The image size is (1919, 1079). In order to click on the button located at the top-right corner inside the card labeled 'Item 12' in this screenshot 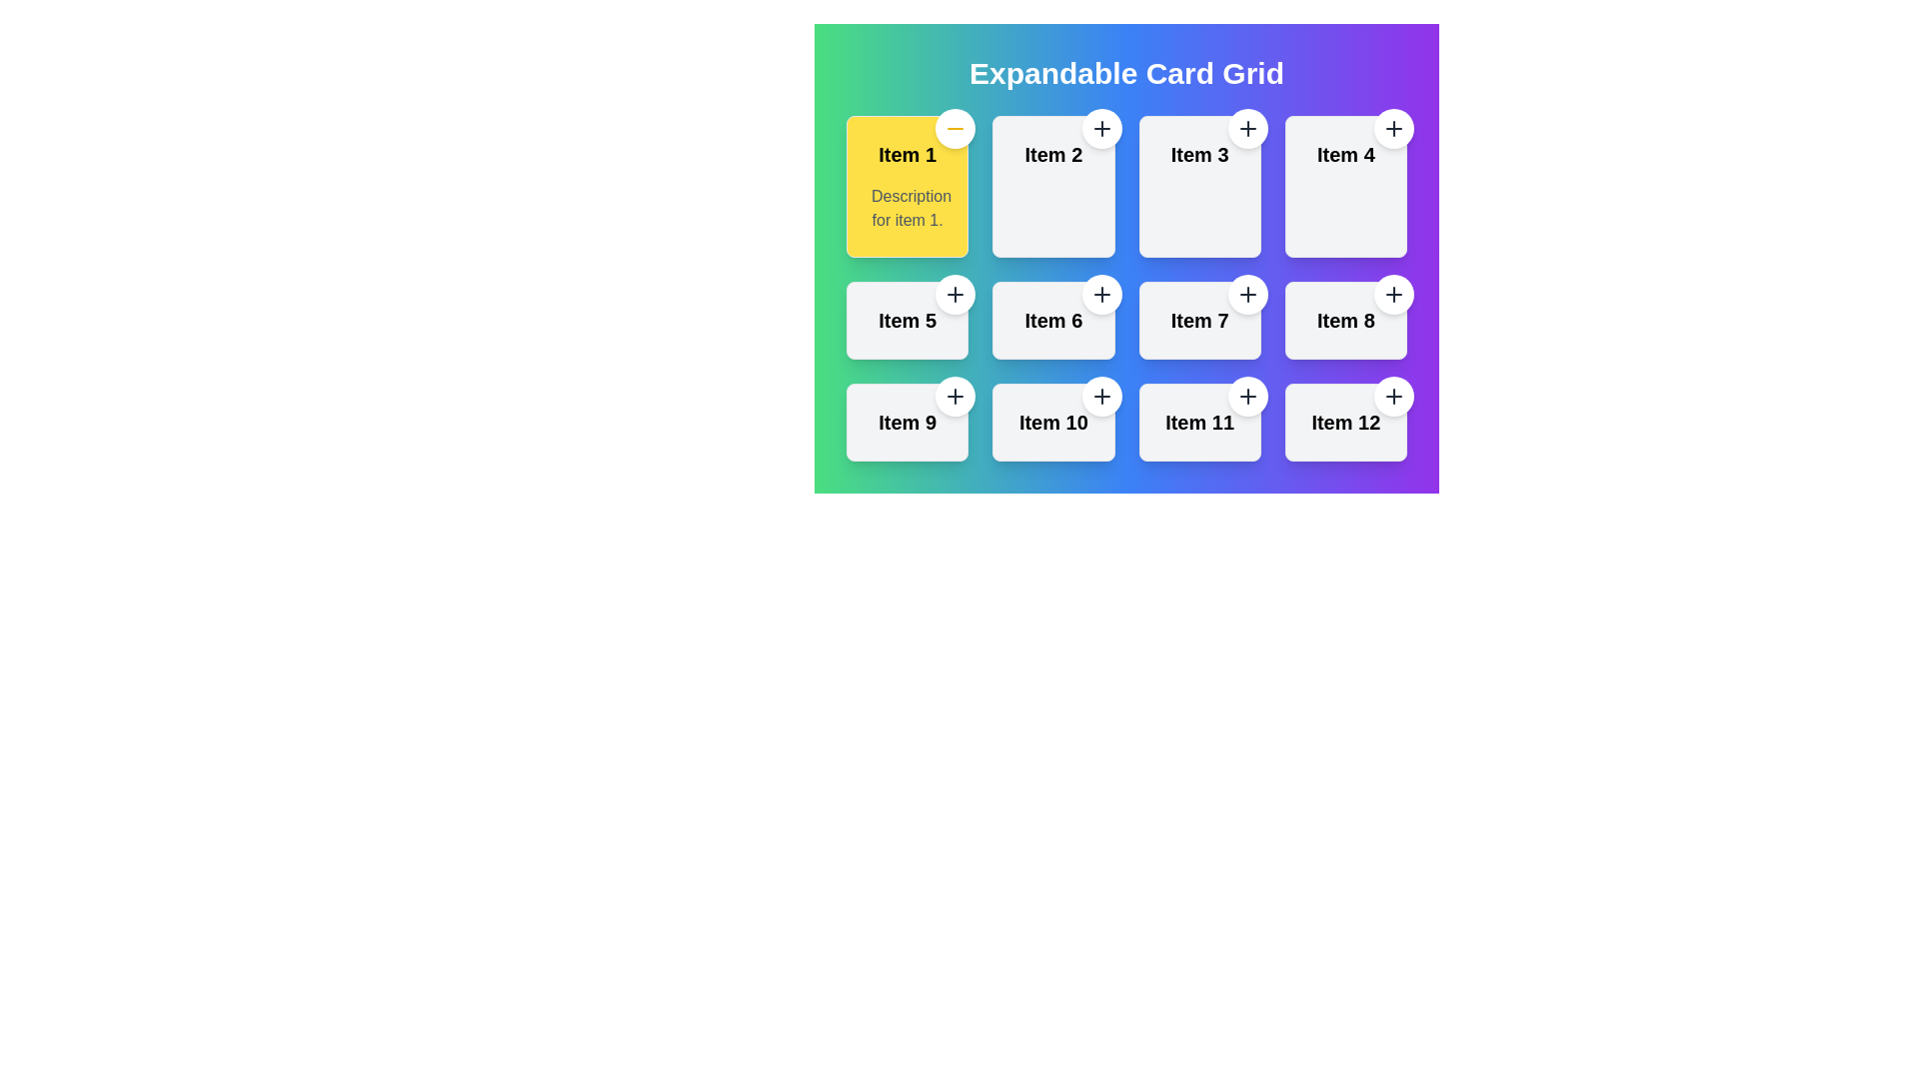, I will do `click(1393, 397)`.